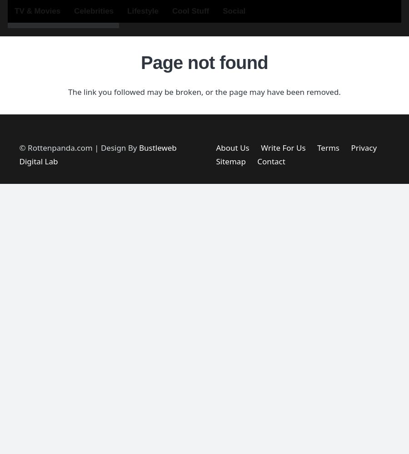 The width and height of the screenshot is (409, 454). I want to click on 'About Us', so click(232, 147).